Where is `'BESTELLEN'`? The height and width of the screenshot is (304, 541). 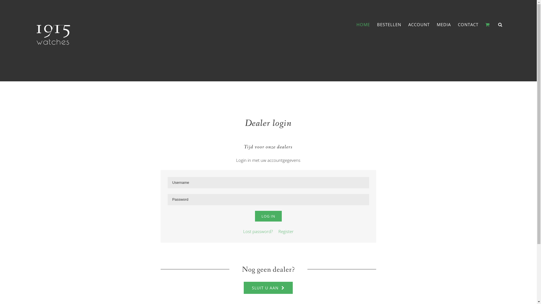 'BESTELLEN' is located at coordinates (389, 24).